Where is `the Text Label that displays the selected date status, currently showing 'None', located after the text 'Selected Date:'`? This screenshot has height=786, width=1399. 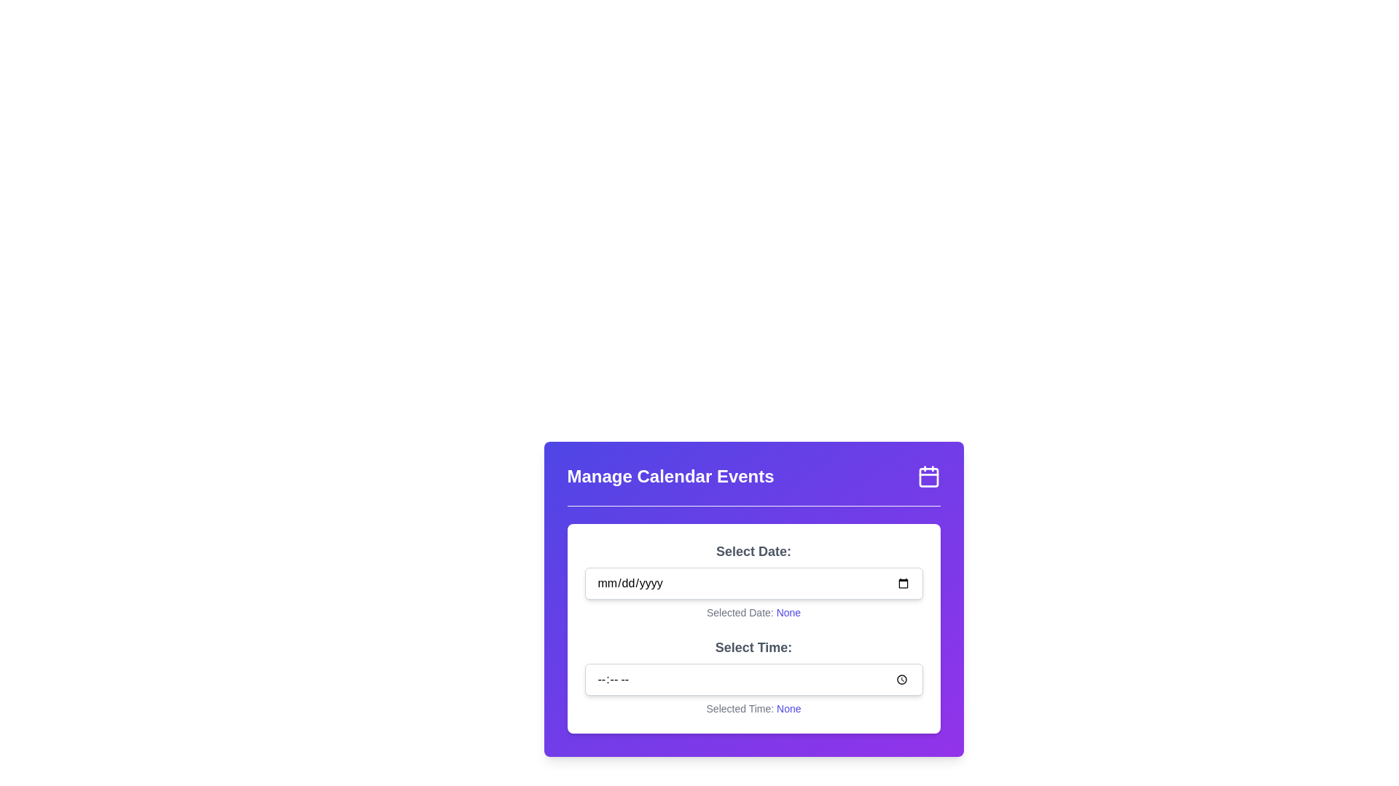 the Text Label that displays the selected date status, currently showing 'None', located after the text 'Selected Date:' is located at coordinates (788, 612).